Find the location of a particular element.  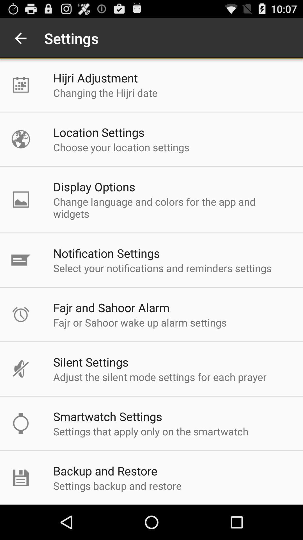

the item above fajr and sahoor item is located at coordinates (162, 268).